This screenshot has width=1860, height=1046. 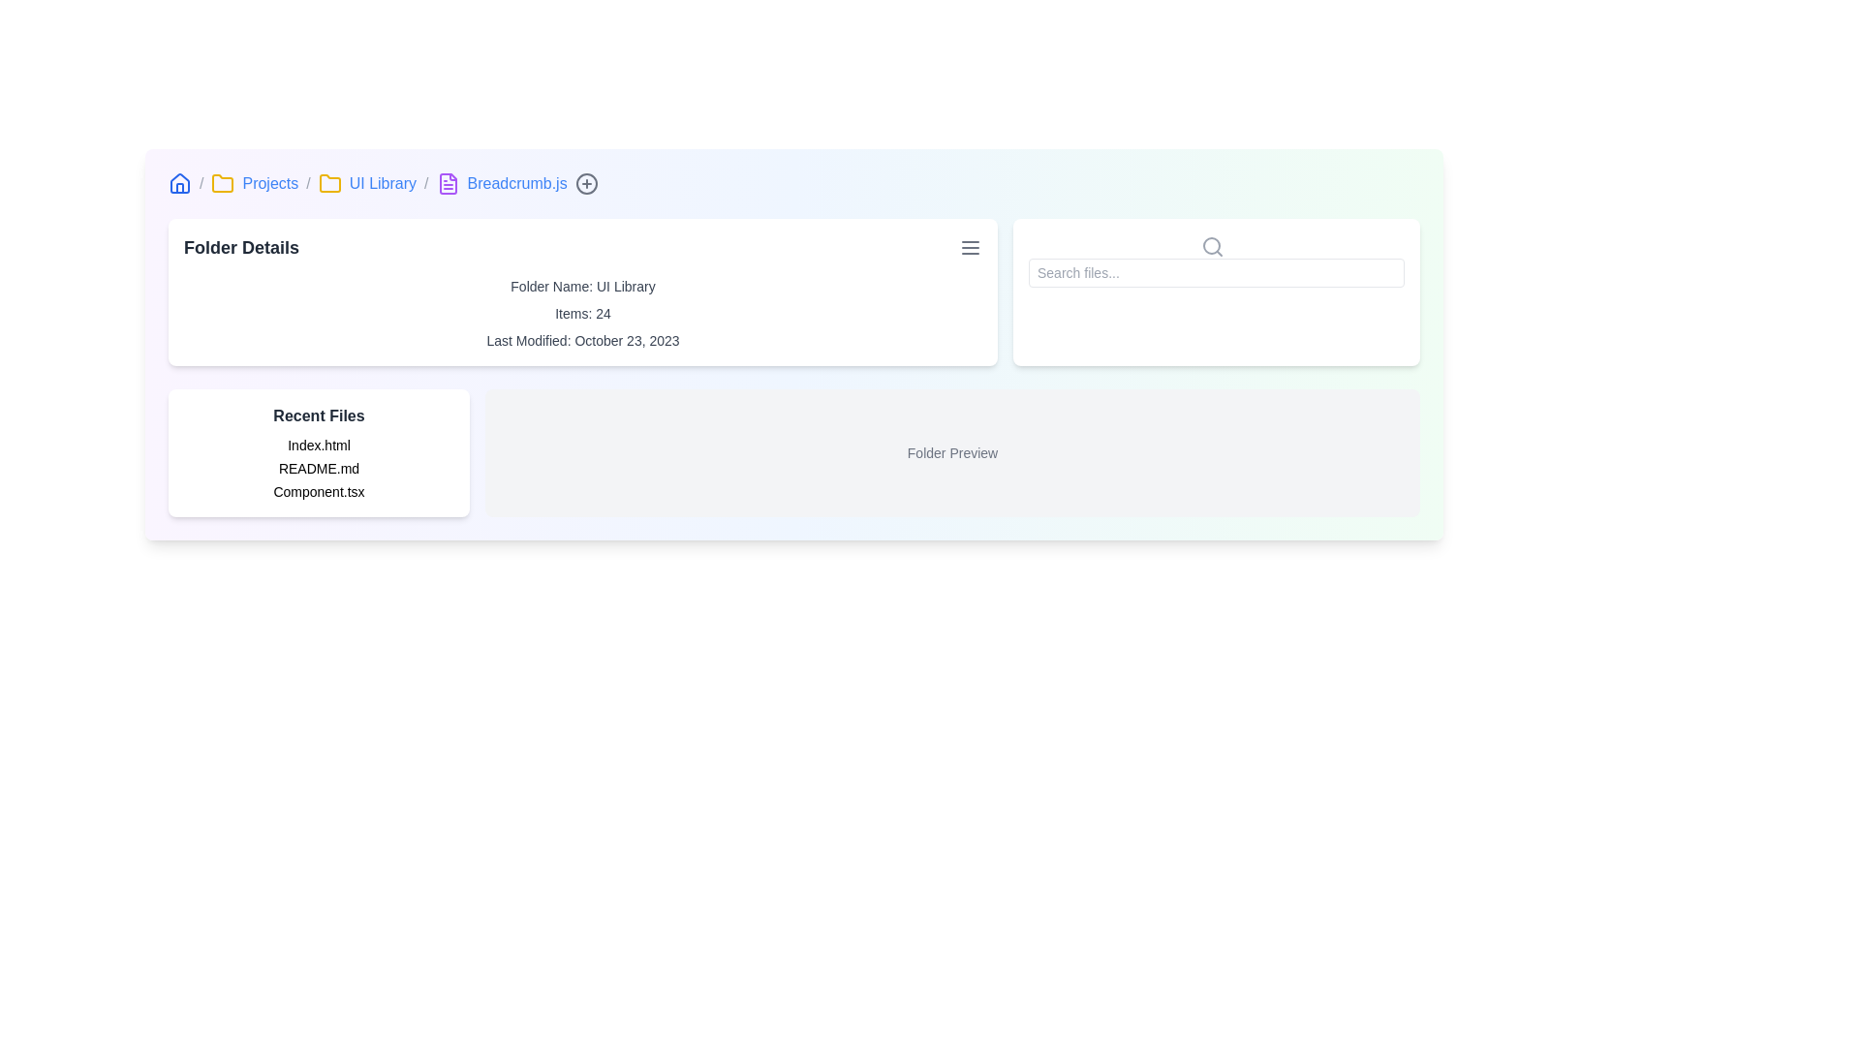 I want to click on the breadcrumb navigation text label that represents the current page or folder, located after 'UI Library' and a slanted separator, so click(x=517, y=183).